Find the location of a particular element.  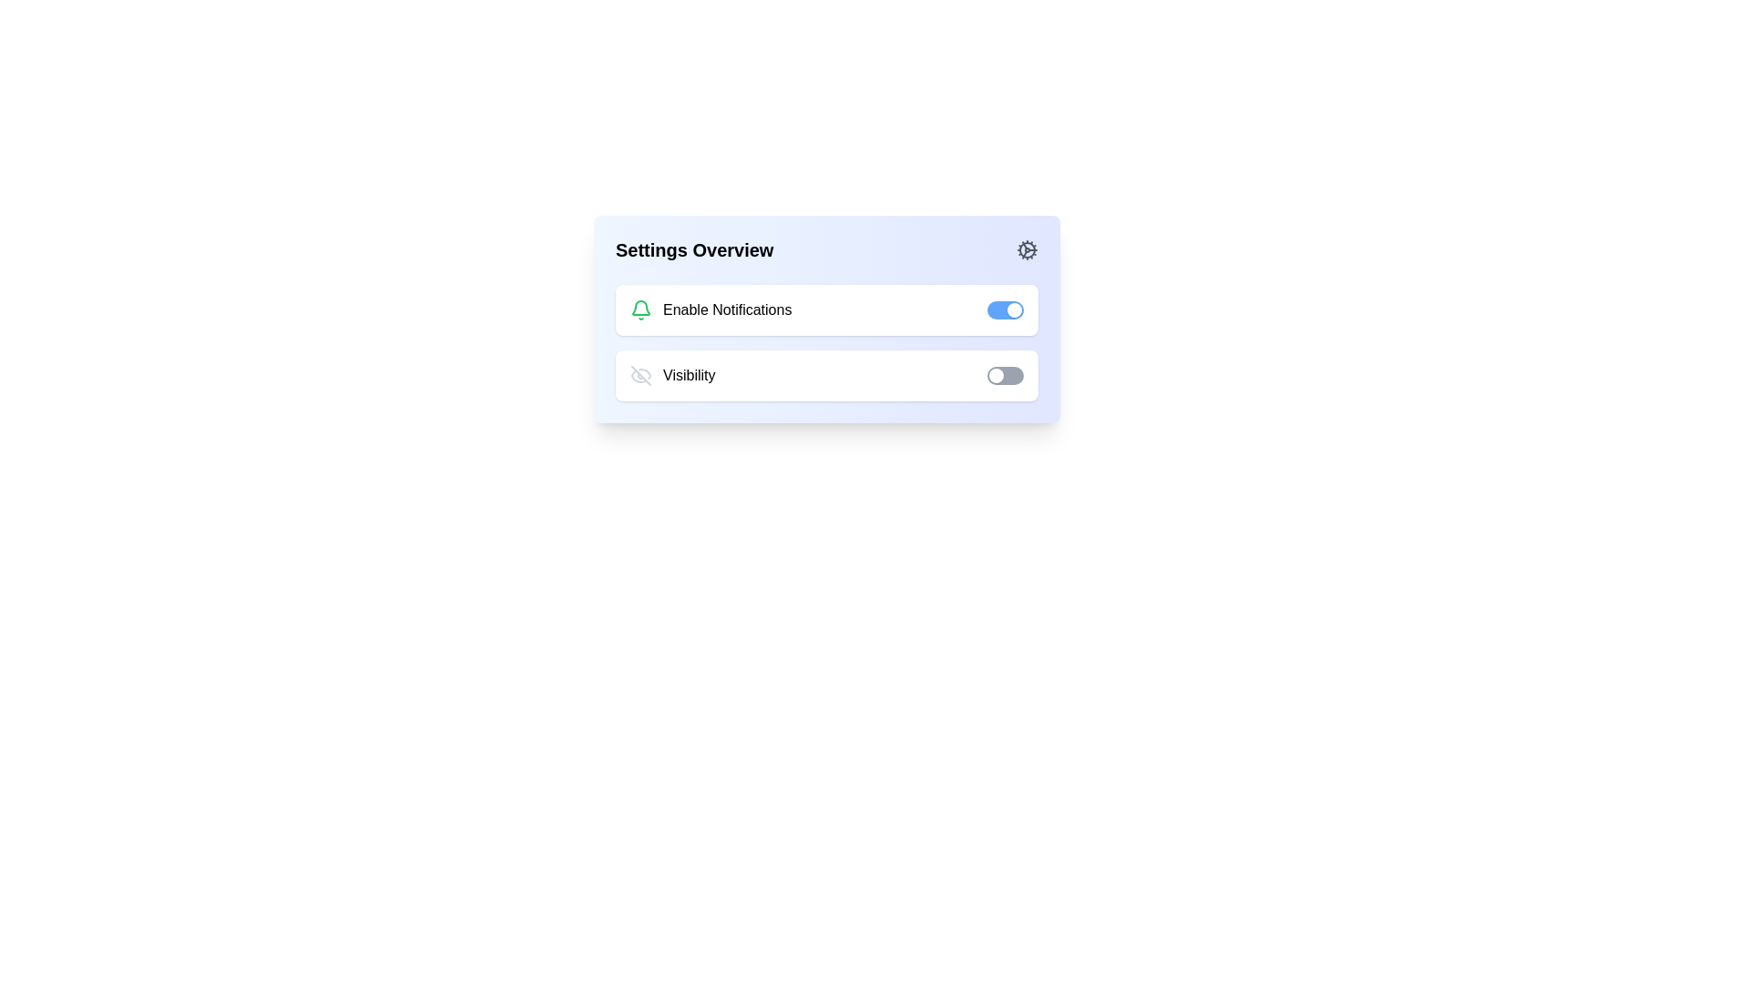

the toggle handle, which is a small circular component with a white background located on the right end of the blue toggle switch for 'Enable Notifications' in the 'Settings Overview' section is located at coordinates (1013, 309).